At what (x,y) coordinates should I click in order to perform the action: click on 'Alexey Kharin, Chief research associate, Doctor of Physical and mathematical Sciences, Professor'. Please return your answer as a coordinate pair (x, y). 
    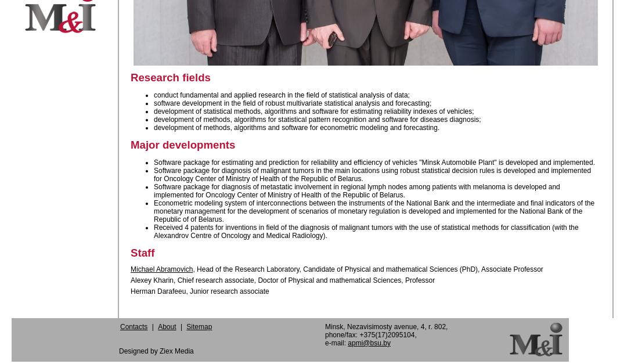
    Looking at the image, I should click on (282, 279).